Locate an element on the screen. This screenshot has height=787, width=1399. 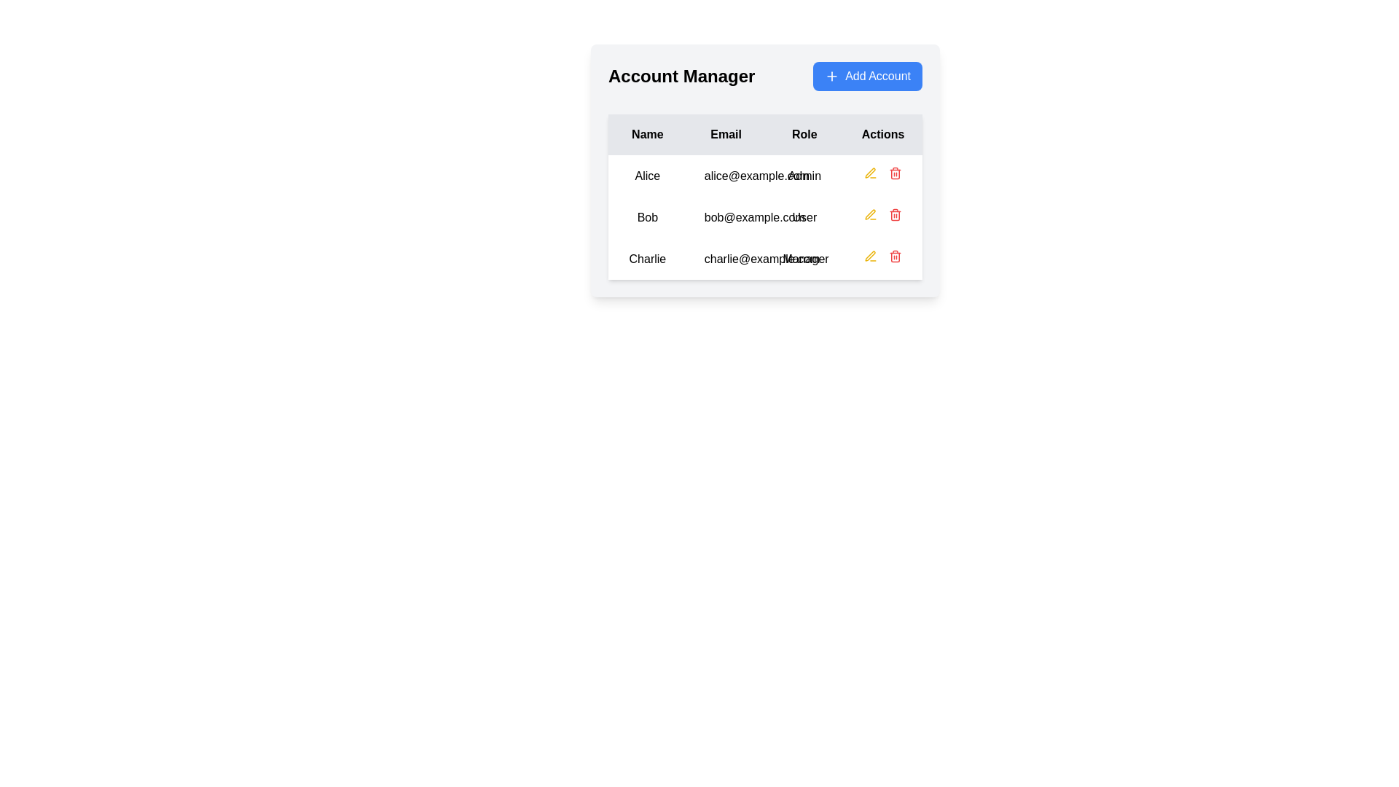
the static text field displaying the email address of user 'Charlie', located in the second column of the last row of the table under the heading 'Email' is located at coordinates (726, 258).